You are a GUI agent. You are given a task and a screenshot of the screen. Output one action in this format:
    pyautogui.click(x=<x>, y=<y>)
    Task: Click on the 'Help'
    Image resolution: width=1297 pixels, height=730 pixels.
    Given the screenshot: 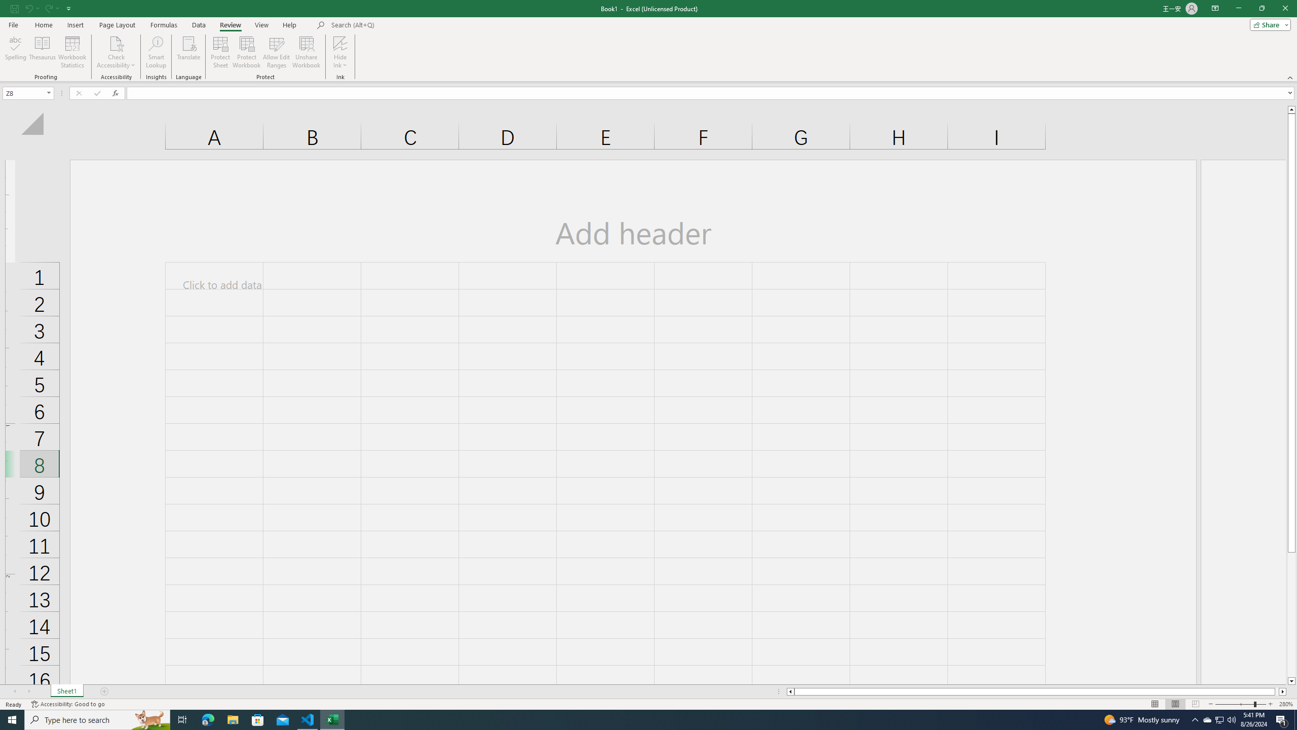 What is the action you would take?
    pyautogui.click(x=289, y=25)
    